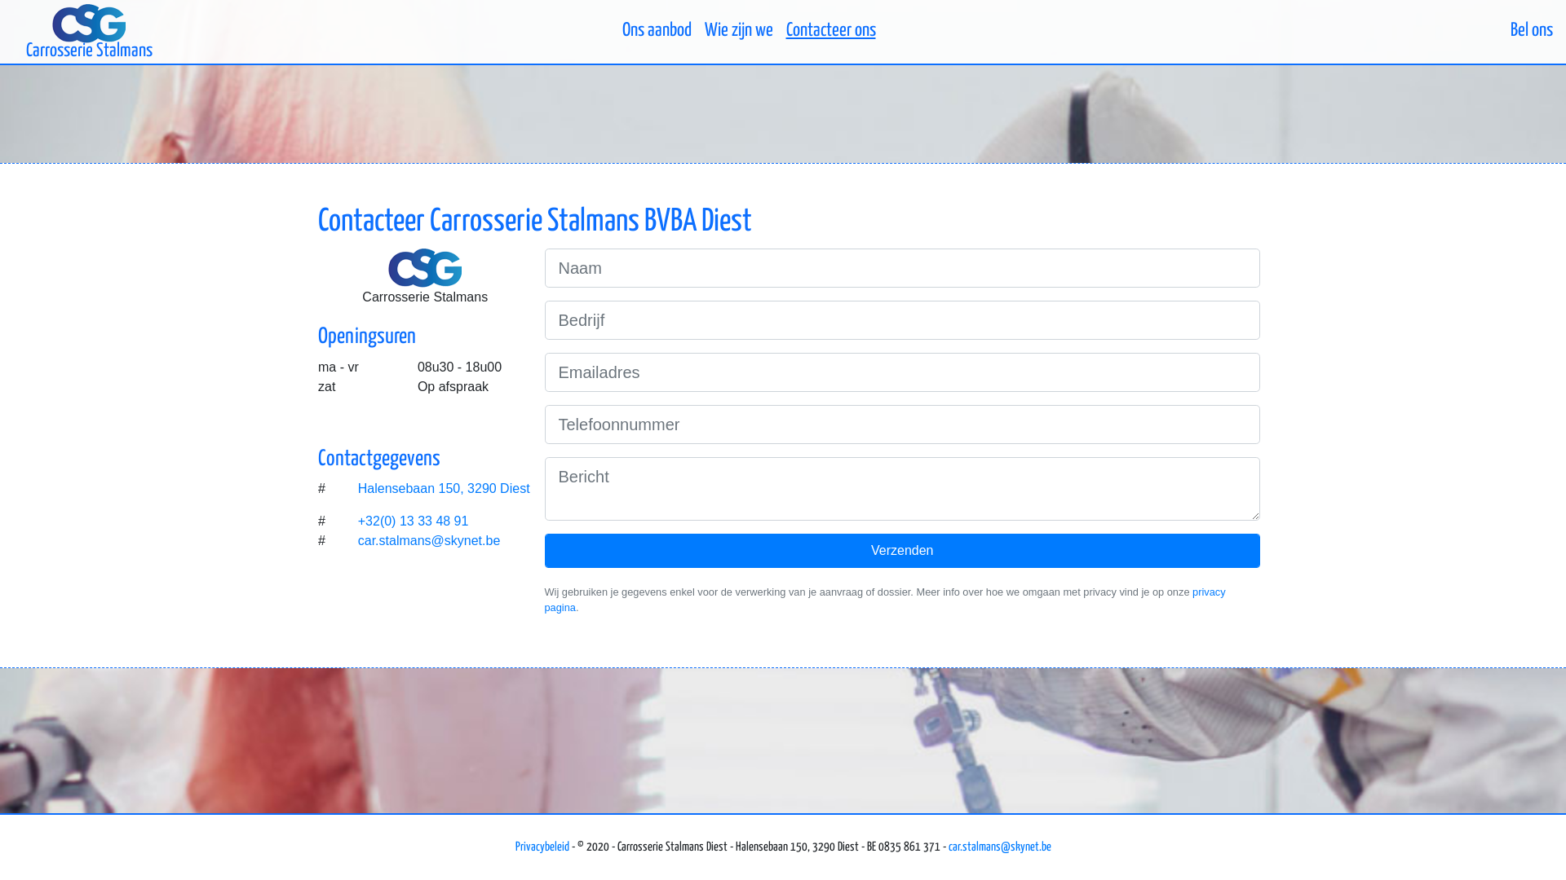 This screenshot has height=880, width=1566. I want to click on 'Halensebaan 150, 3290 Diest', so click(445, 488).